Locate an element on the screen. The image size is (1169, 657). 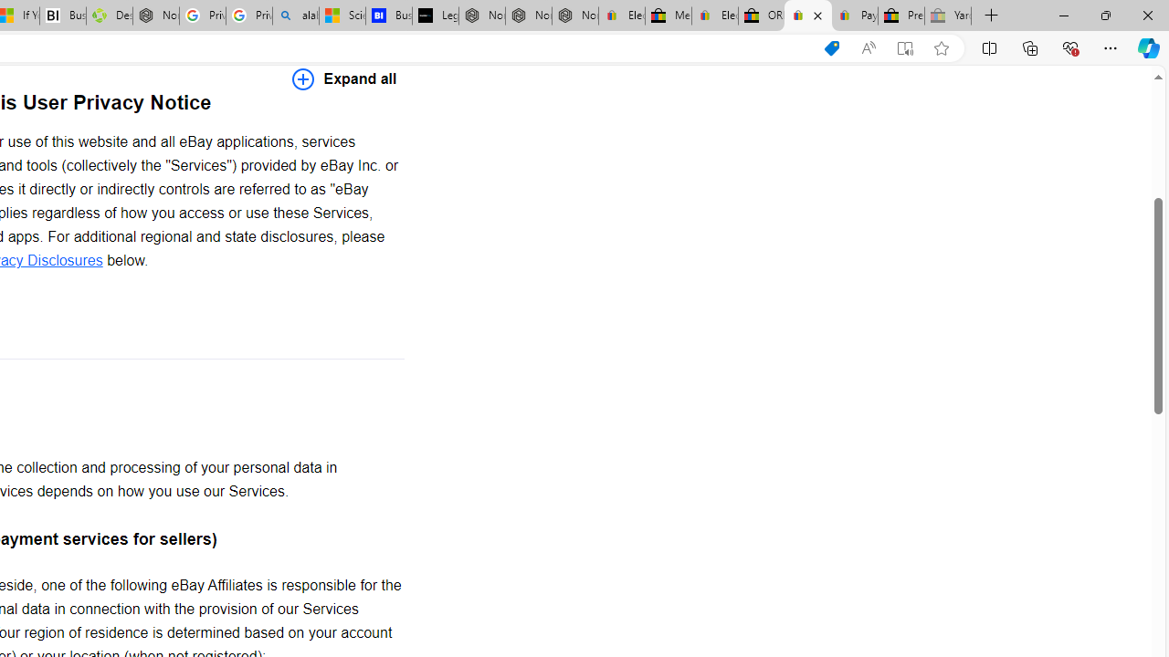
'Descarga Driver Updater' is located at coordinates (108, 16).